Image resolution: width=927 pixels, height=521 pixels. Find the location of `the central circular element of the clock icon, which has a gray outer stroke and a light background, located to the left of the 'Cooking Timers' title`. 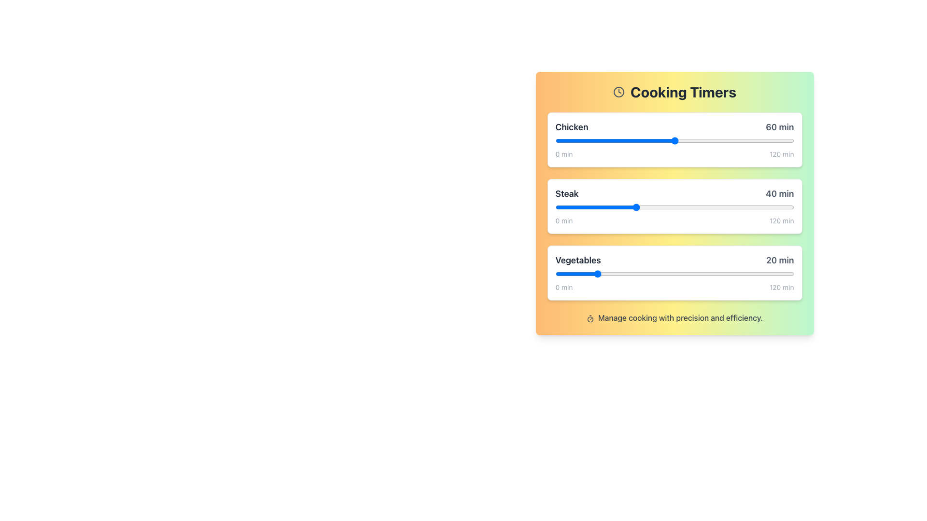

the central circular element of the clock icon, which has a gray outer stroke and a light background, located to the left of the 'Cooking Timers' title is located at coordinates (618, 92).